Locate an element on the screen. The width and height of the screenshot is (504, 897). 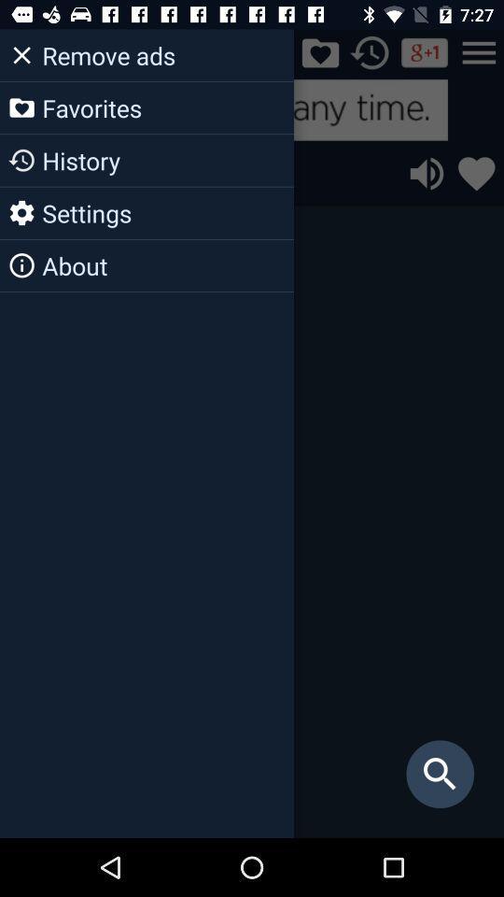
the font icon is located at coordinates (124, 51).